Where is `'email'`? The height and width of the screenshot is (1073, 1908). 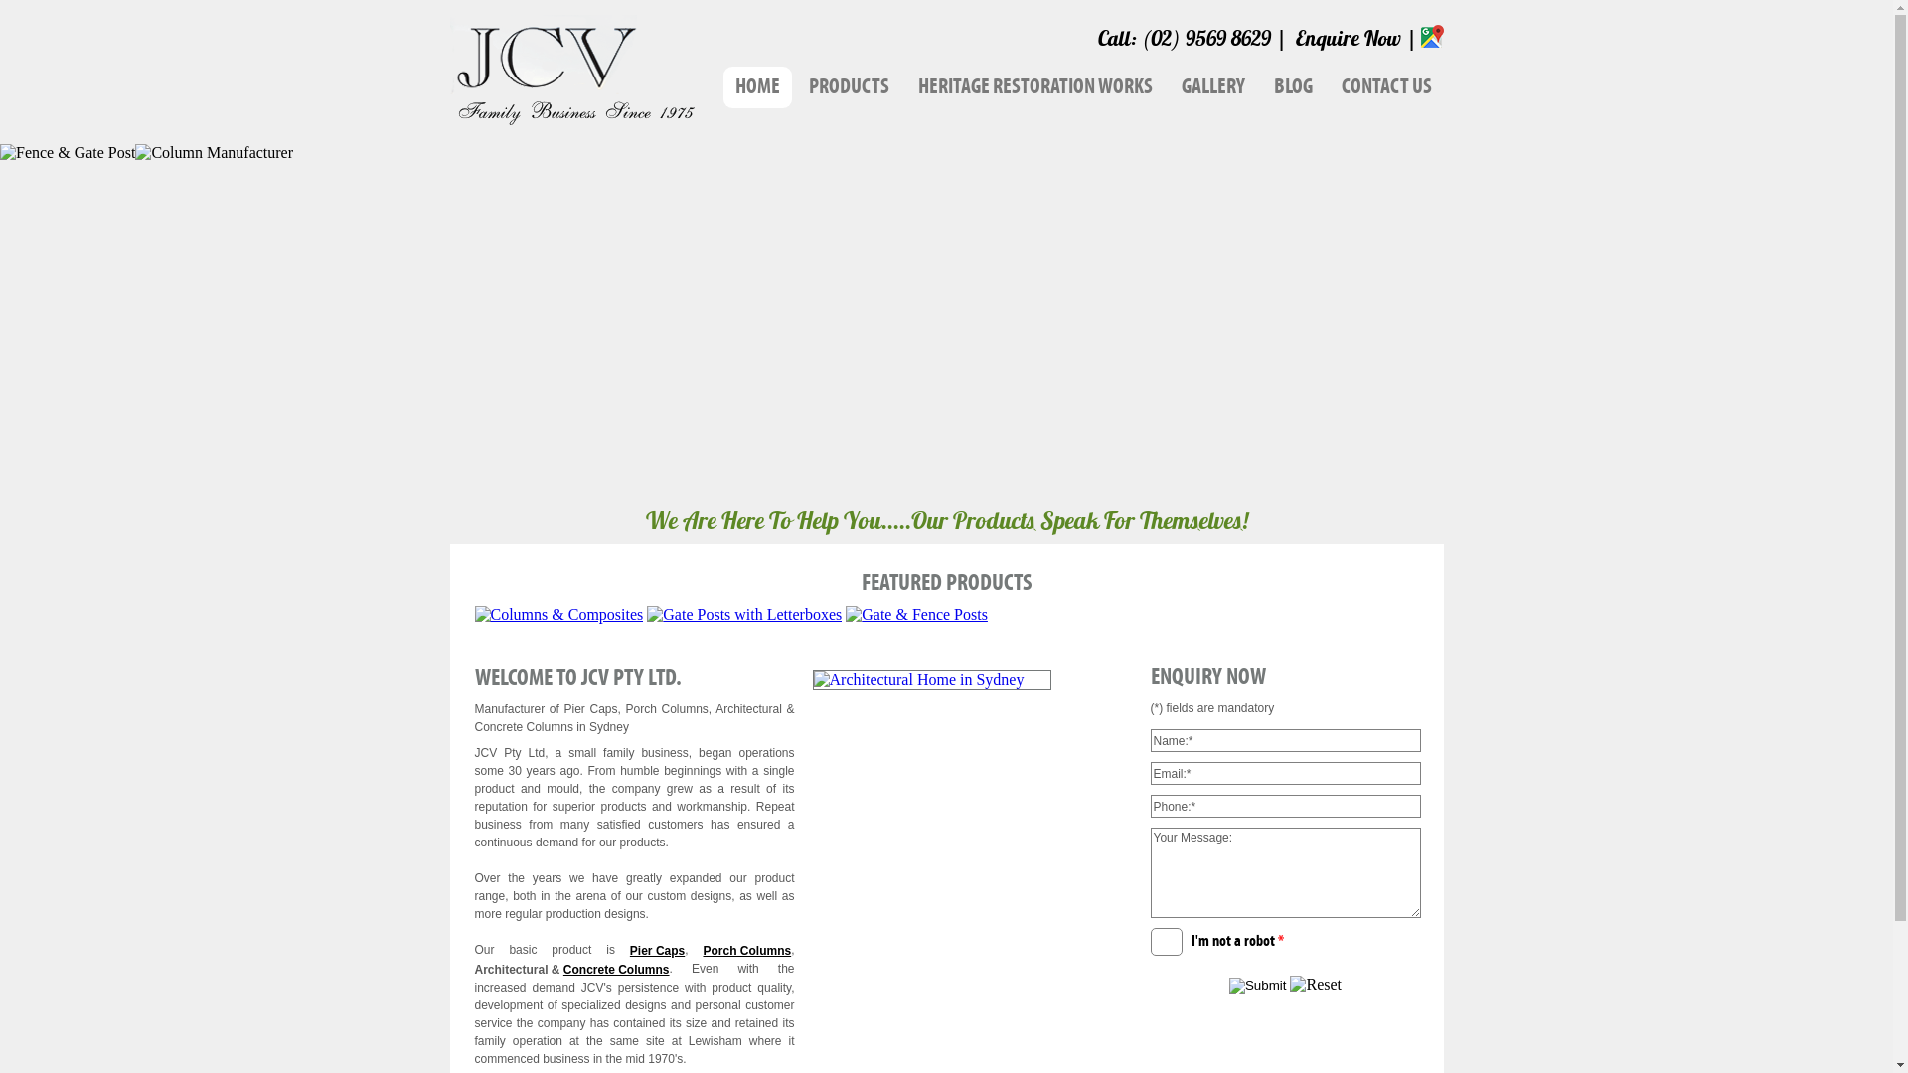 'email' is located at coordinates (1286, 772).